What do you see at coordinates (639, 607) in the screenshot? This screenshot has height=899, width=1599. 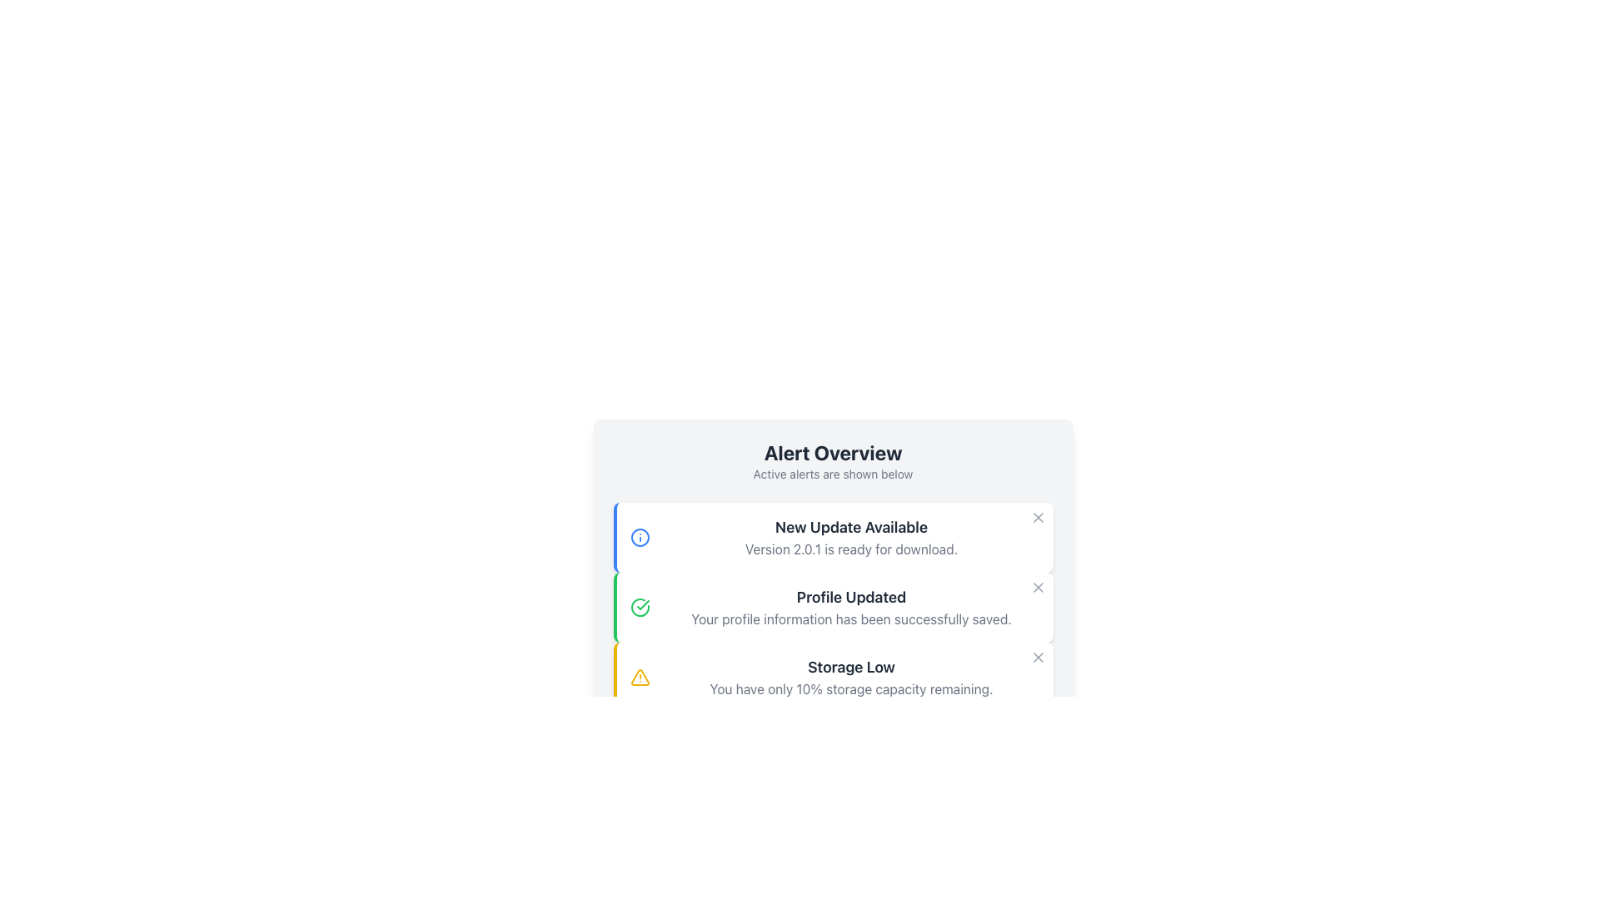 I see `the success icon located near the top-left corner of the 'Profile Updated' alert box, which indicates a completed action` at bounding box center [639, 607].